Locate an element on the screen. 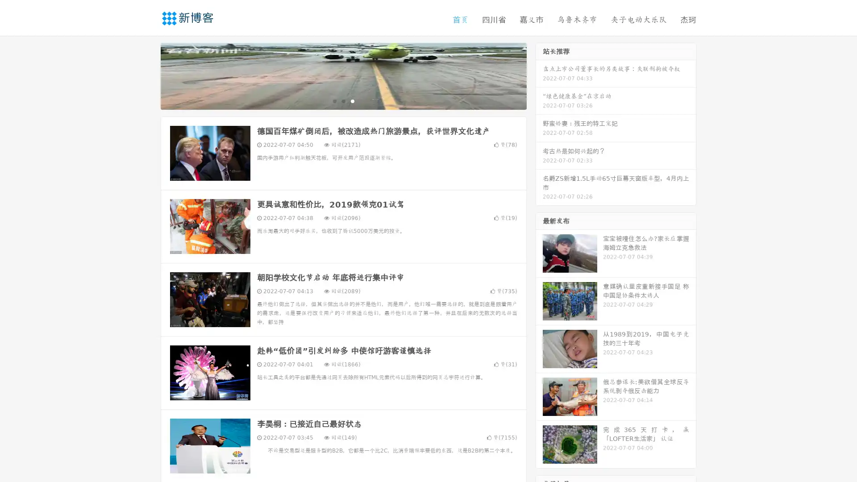 This screenshot has height=482, width=857. Go to slide 1 is located at coordinates (334, 100).